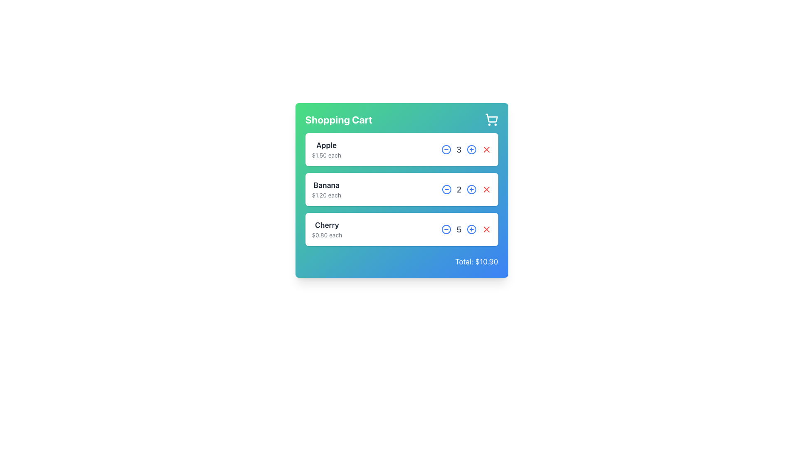  Describe the element at coordinates (326, 225) in the screenshot. I see `the text element labeled 'Cherry' in the shopping list, which is located under the 'Banana' entry in the shopping cart section` at that location.